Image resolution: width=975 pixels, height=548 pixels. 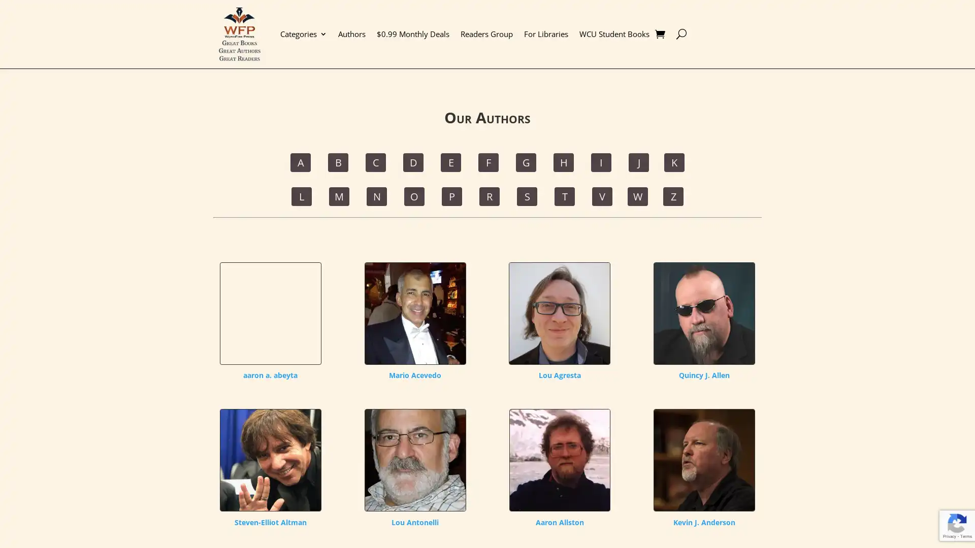 What do you see at coordinates (601, 161) in the screenshot?
I see `I` at bounding box center [601, 161].